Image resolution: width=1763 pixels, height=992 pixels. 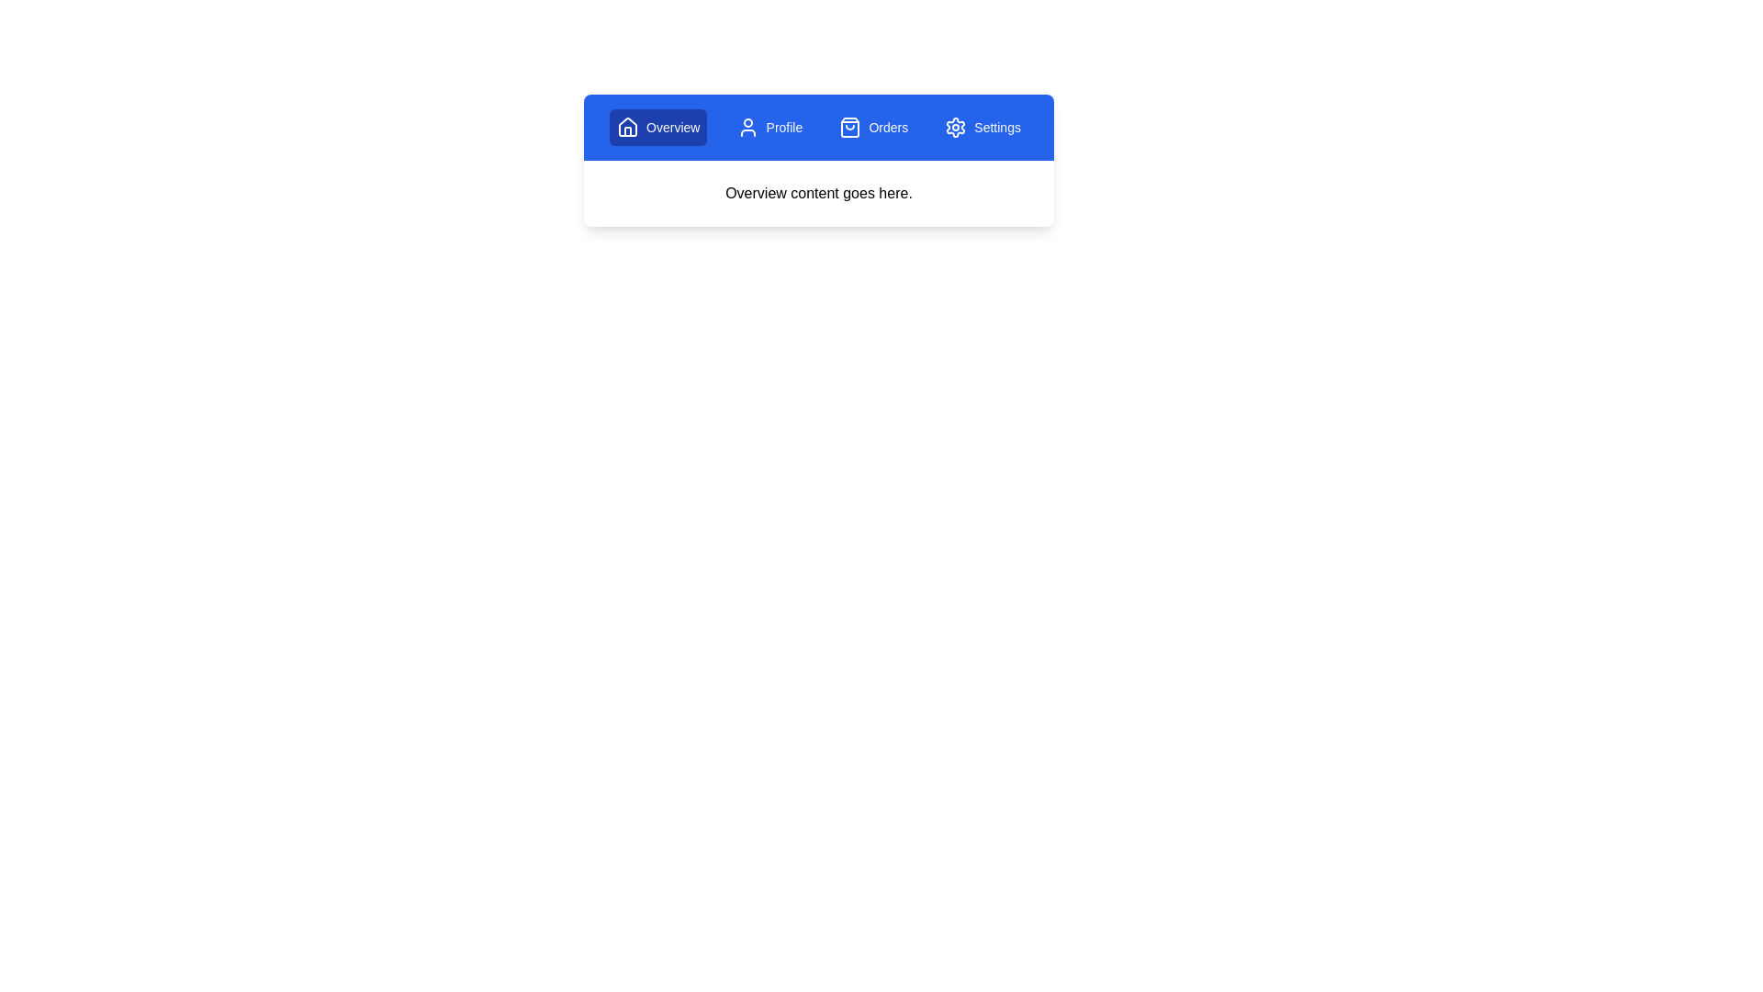 I want to click on the blue 'Overview' button, which is the first button in a row of menu items in the navigation bar, so click(x=658, y=126).